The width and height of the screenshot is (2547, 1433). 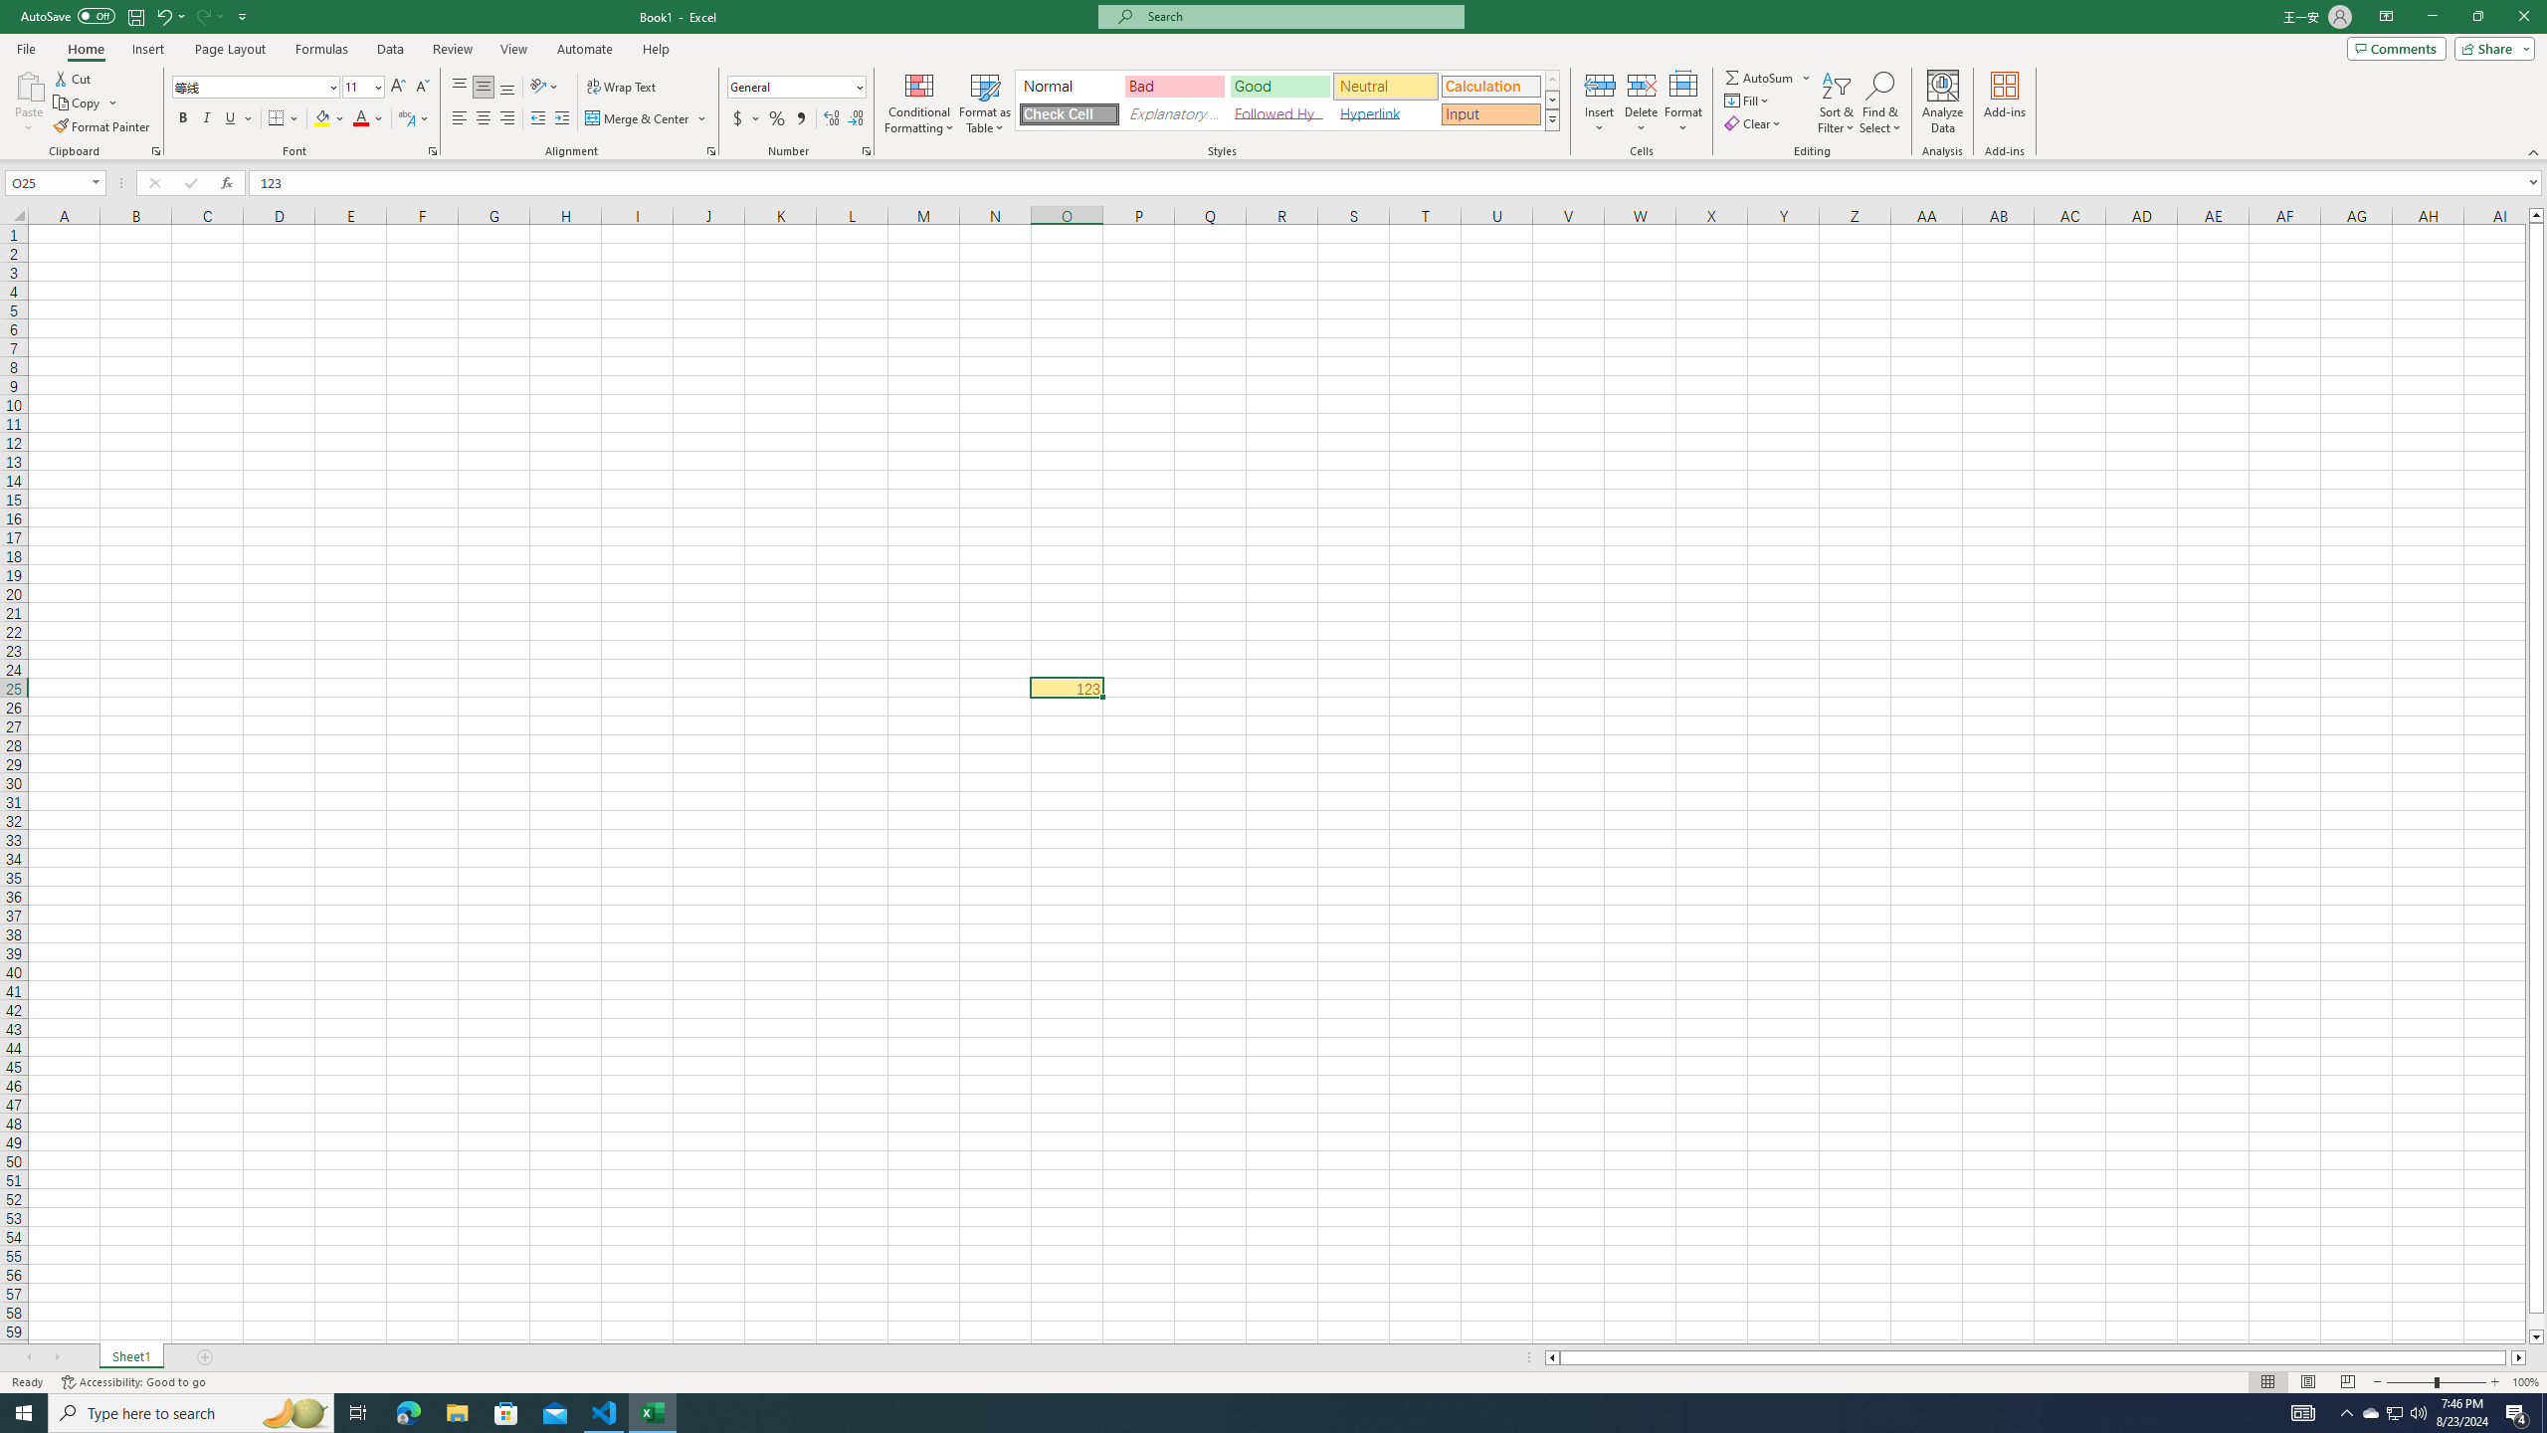 What do you see at coordinates (2036, 1356) in the screenshot?
I see `'Class: NetUIScrollBar'` at bounding box center [2036, 1356].